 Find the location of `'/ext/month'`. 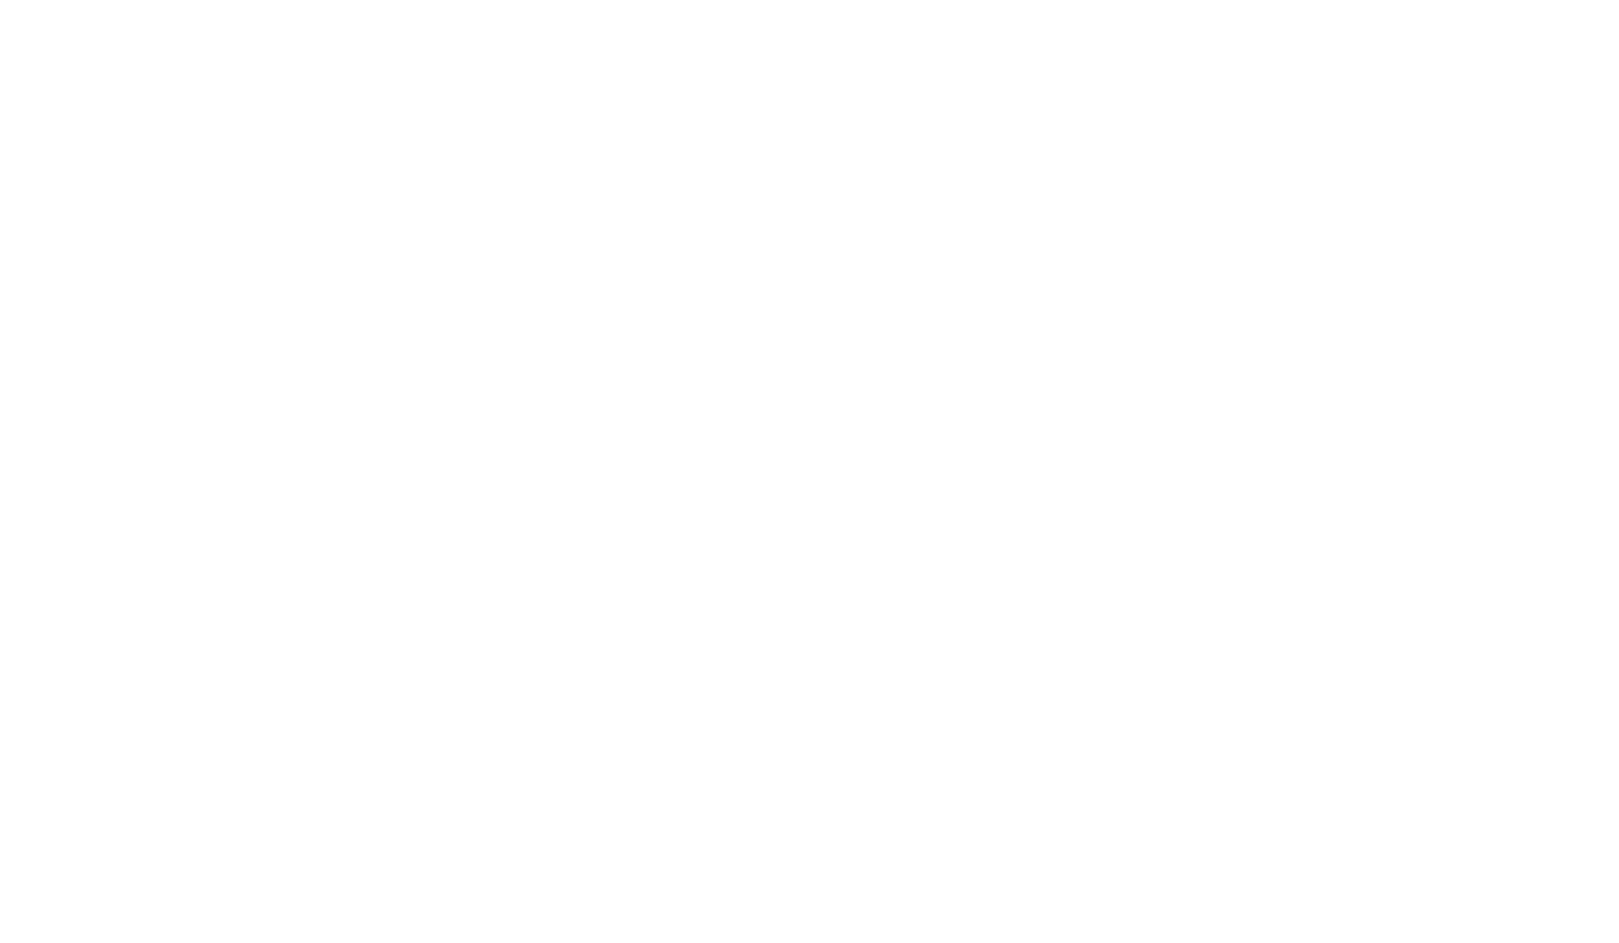

'/ext/month' is located at coordinates (843, 240).